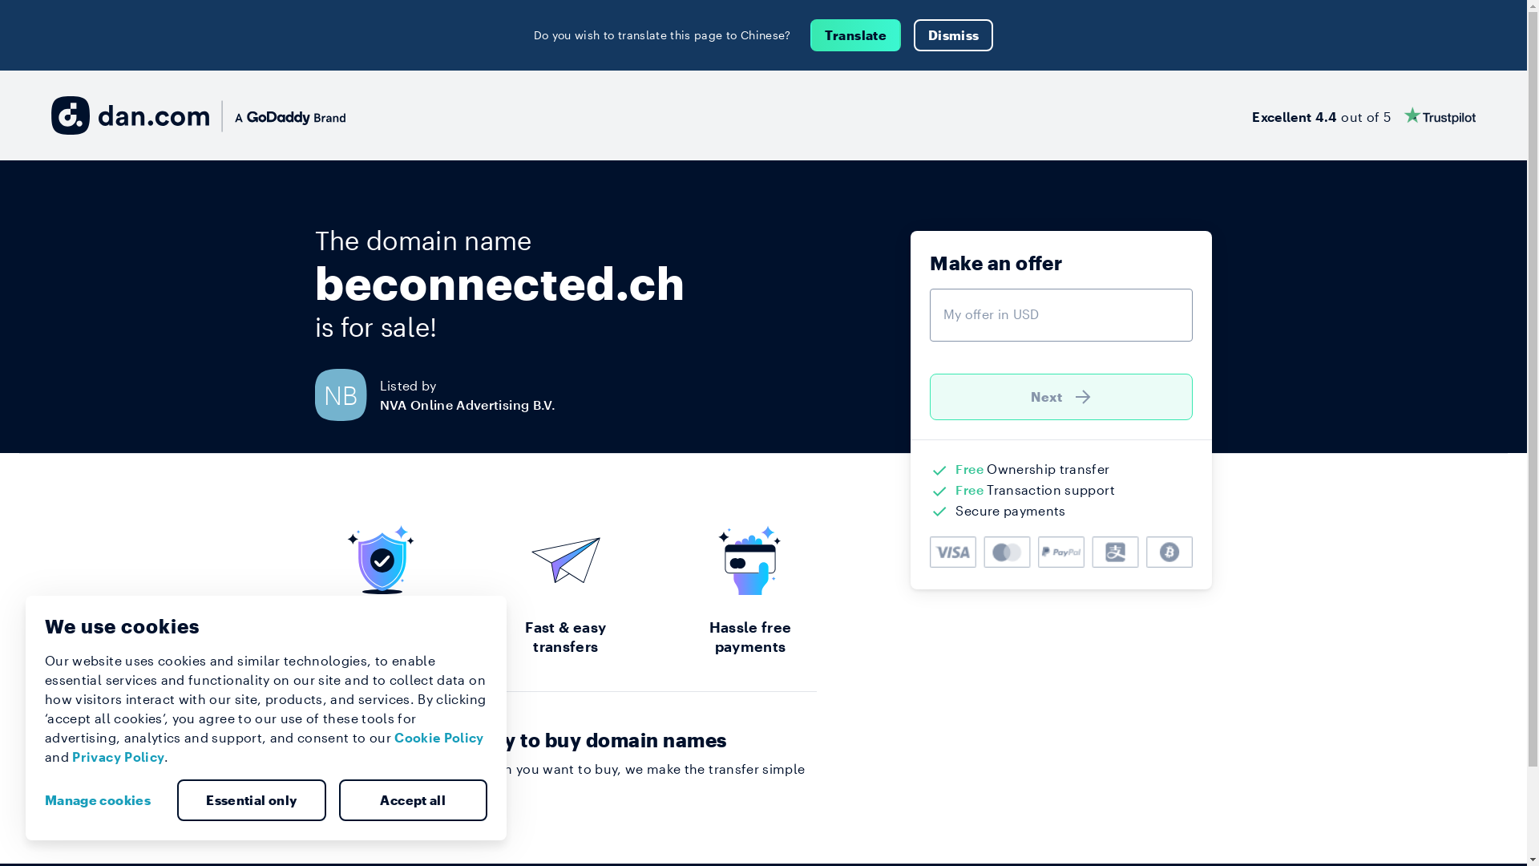  I want to click on 'Dismiss', so click(953, 34).